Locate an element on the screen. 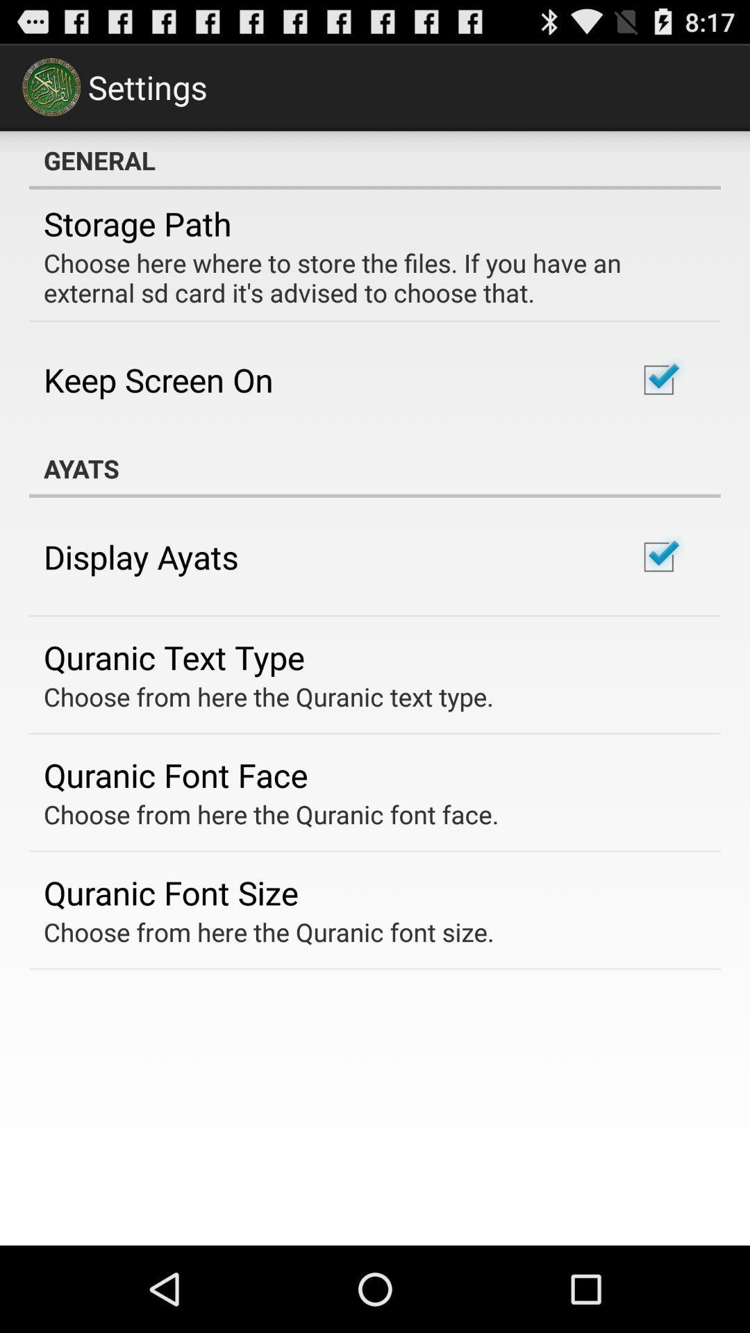 The height and width of the screenshot is (1333, 750). keep screen on app is located at coordinates (158, 380).